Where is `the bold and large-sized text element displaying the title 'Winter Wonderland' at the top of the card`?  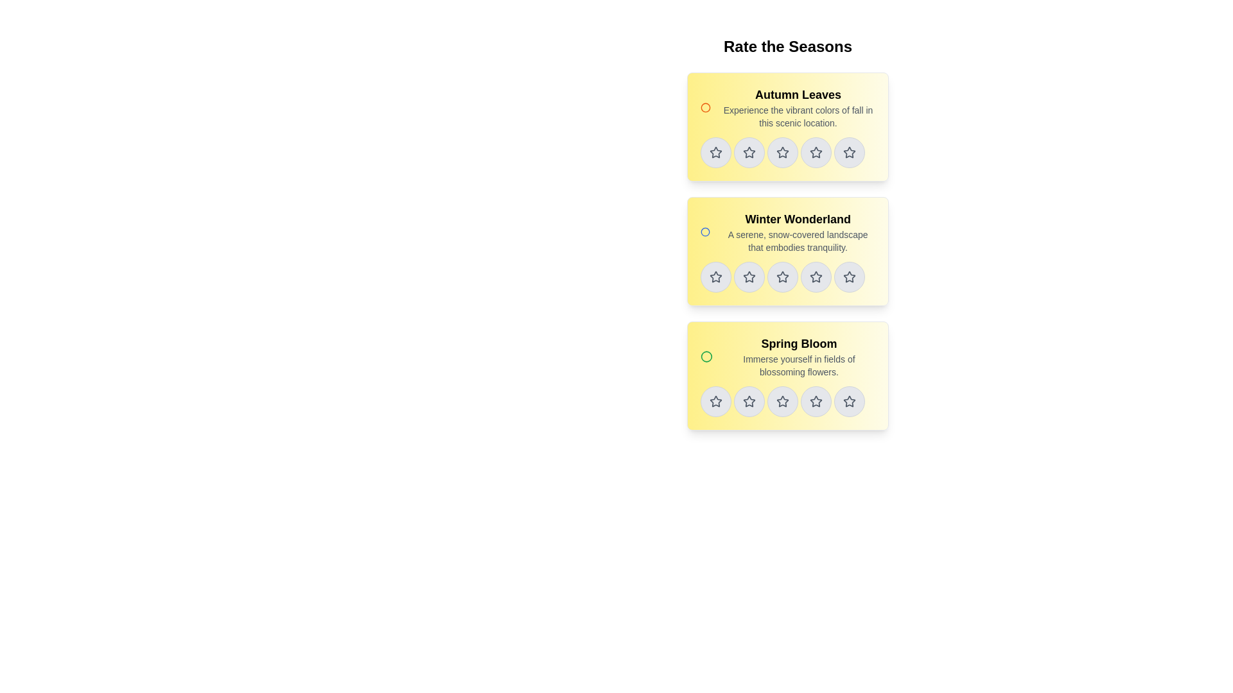
the bold and large-sized text element displaying the title 'Winter Wonderland' at the top of the card is located at coordinates (797, 219).